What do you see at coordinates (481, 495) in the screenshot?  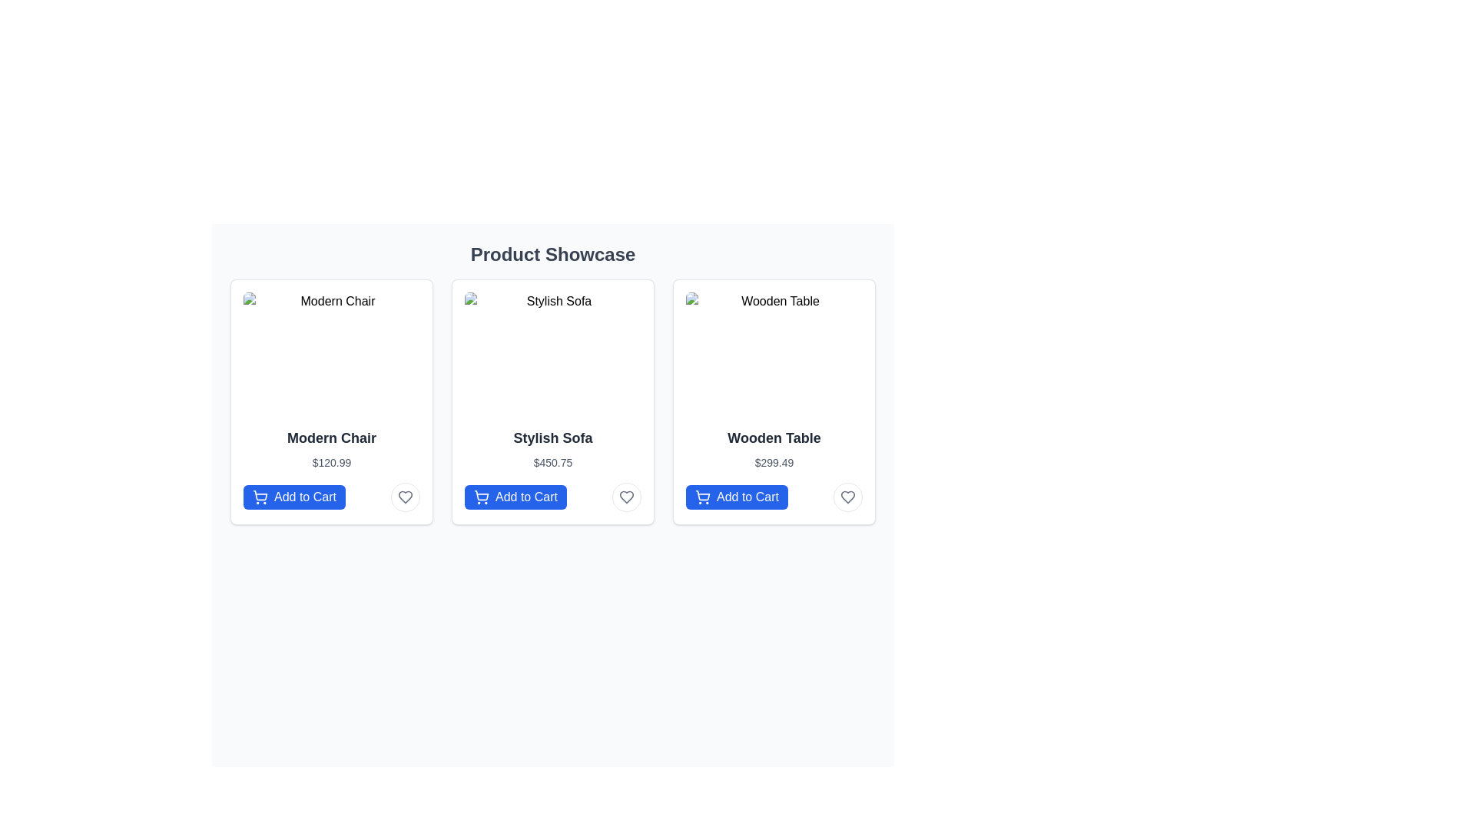 I see `the graphical representation of the shopping cart icon associated with the 'Add to Cart' button for the 'Stylish Sofa' product in the second product card of the middle row` at bounding box center [481, 495].